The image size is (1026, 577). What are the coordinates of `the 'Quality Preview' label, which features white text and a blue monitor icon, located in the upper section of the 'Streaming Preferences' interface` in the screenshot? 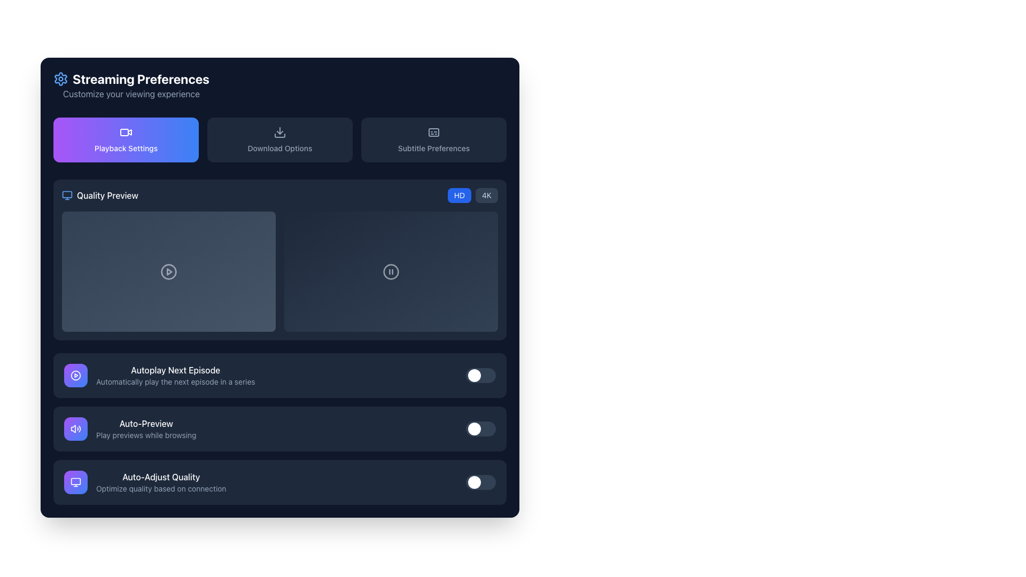 It's located at (100, 196).